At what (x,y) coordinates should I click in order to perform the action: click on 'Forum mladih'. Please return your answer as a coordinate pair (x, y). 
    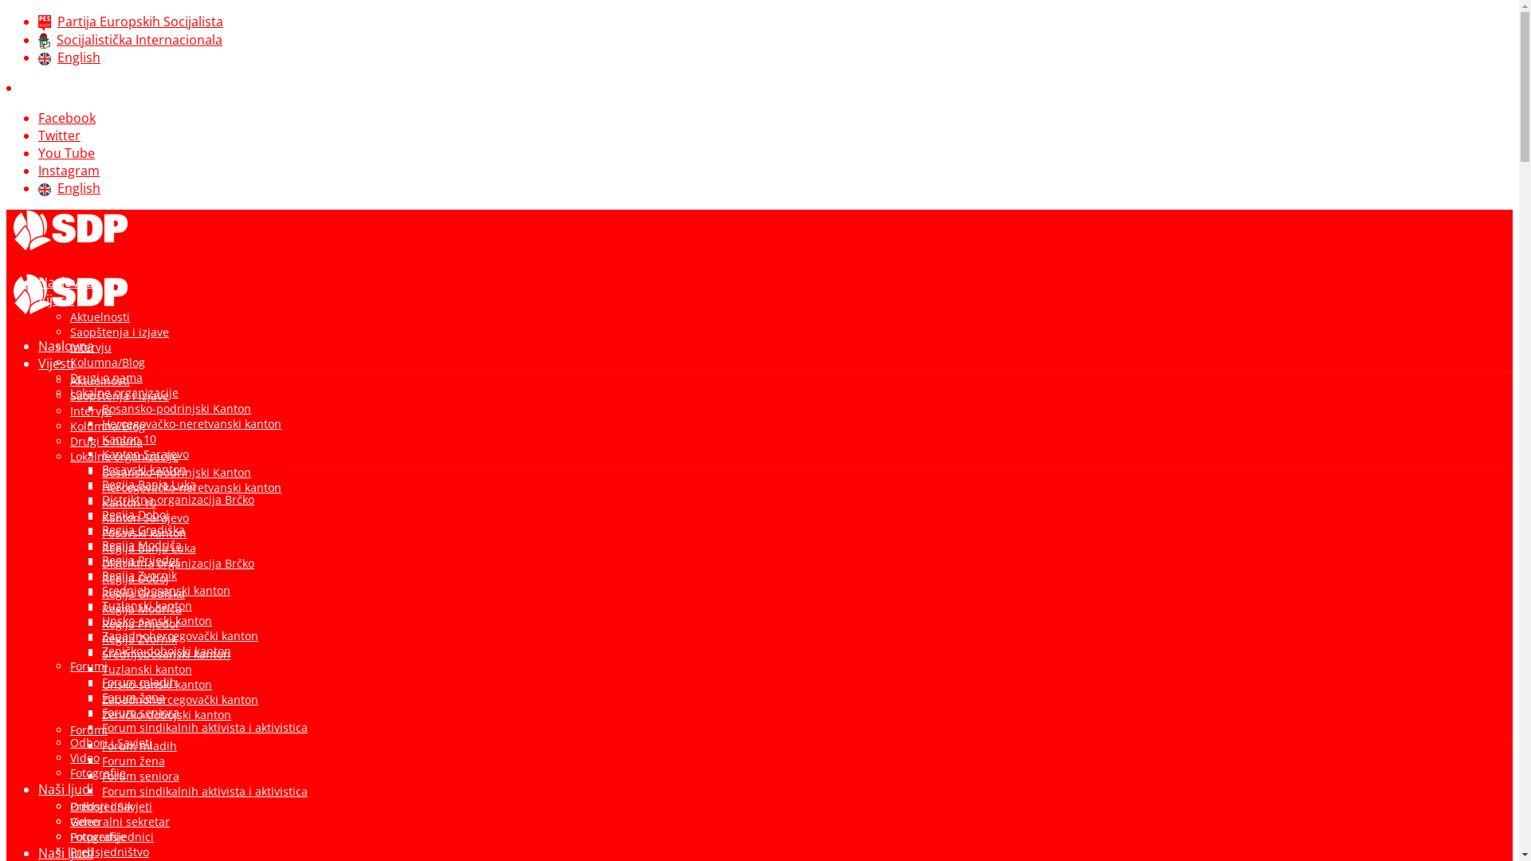
    Looking at the image, I should click on (139, 745).